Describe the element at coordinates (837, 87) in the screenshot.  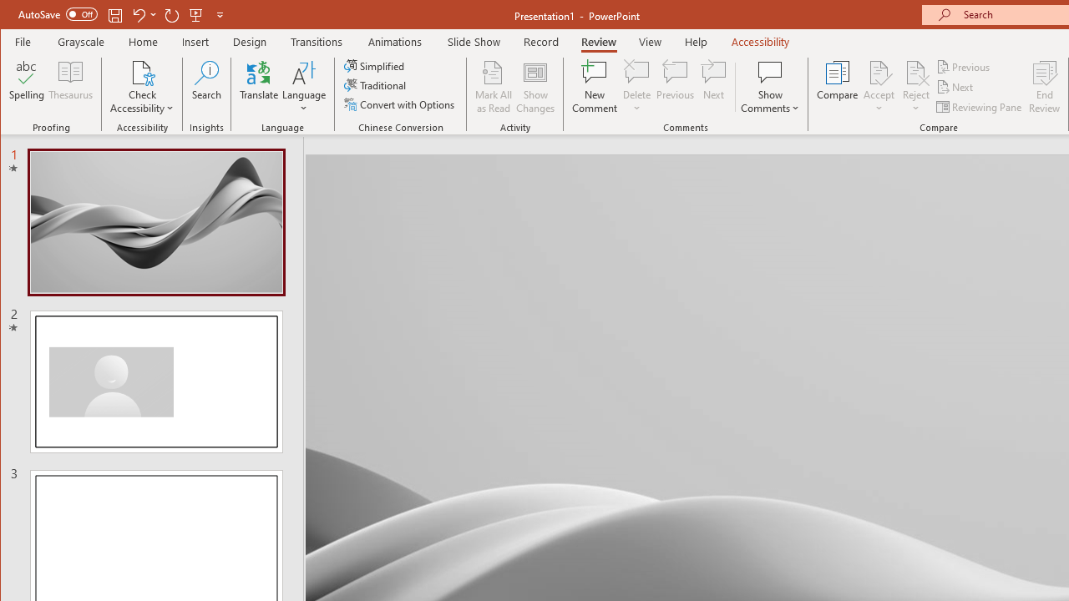
I see `'Compare'` at that location.